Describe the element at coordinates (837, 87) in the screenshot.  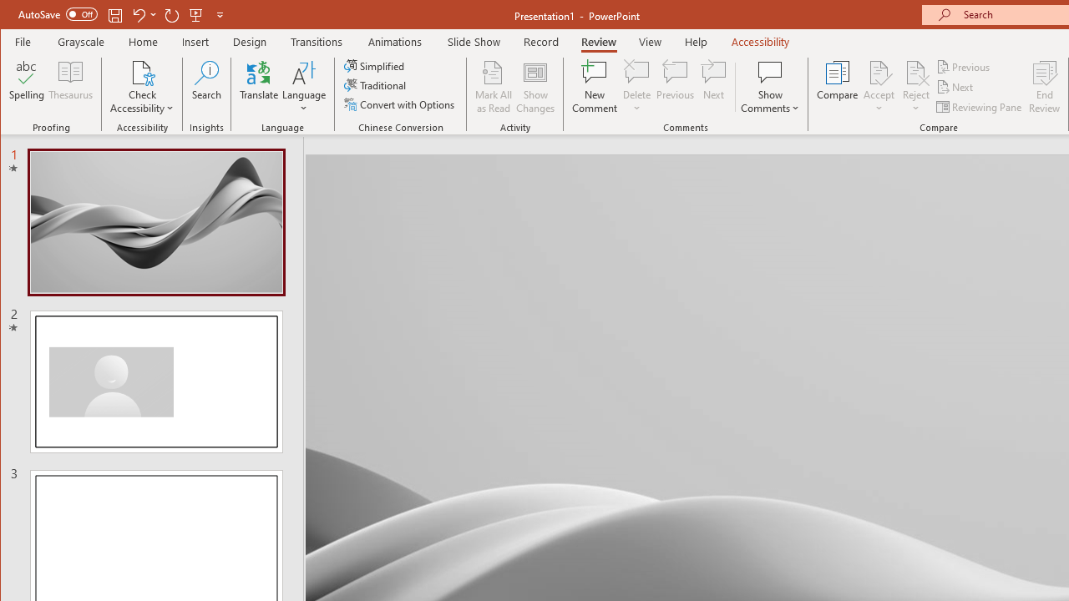
I see `'Compare'` at that location.